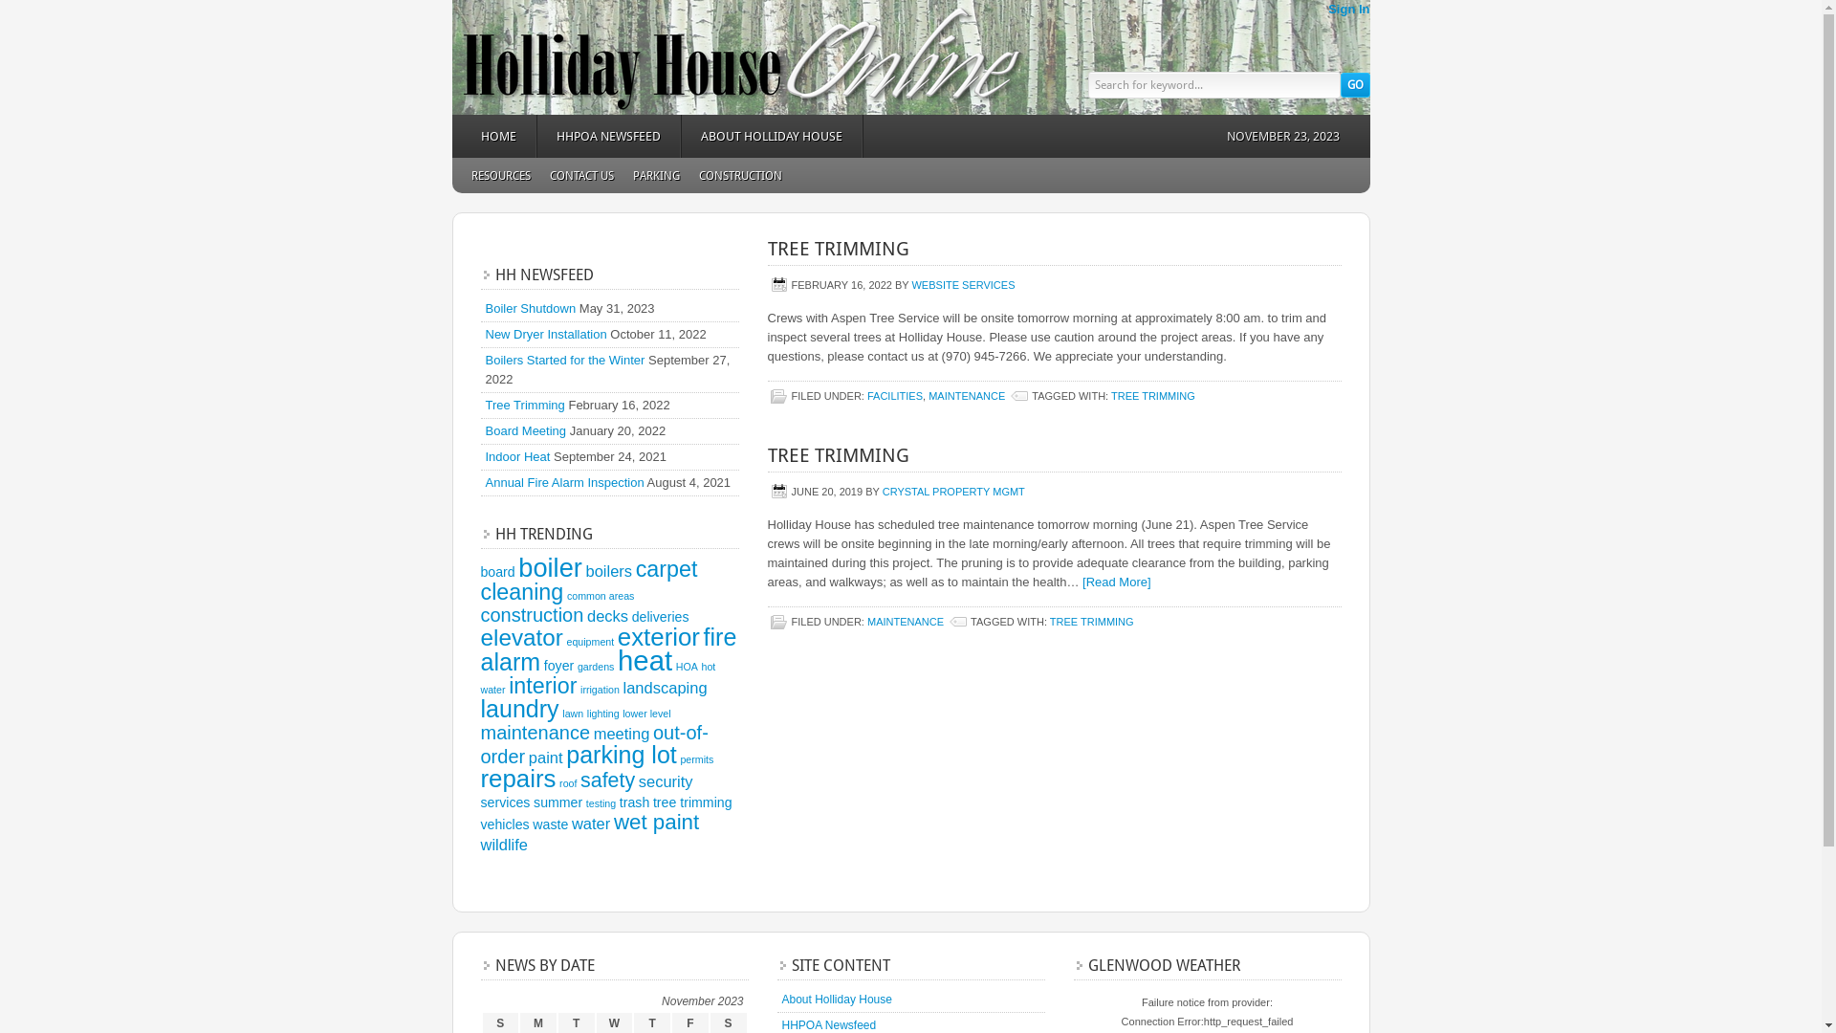 This screenshot has height=1033, width=1836. What do you see at coordinates (667, 567) in the screenshot?
I see `'carpet'` at bounding box center [667, 567].